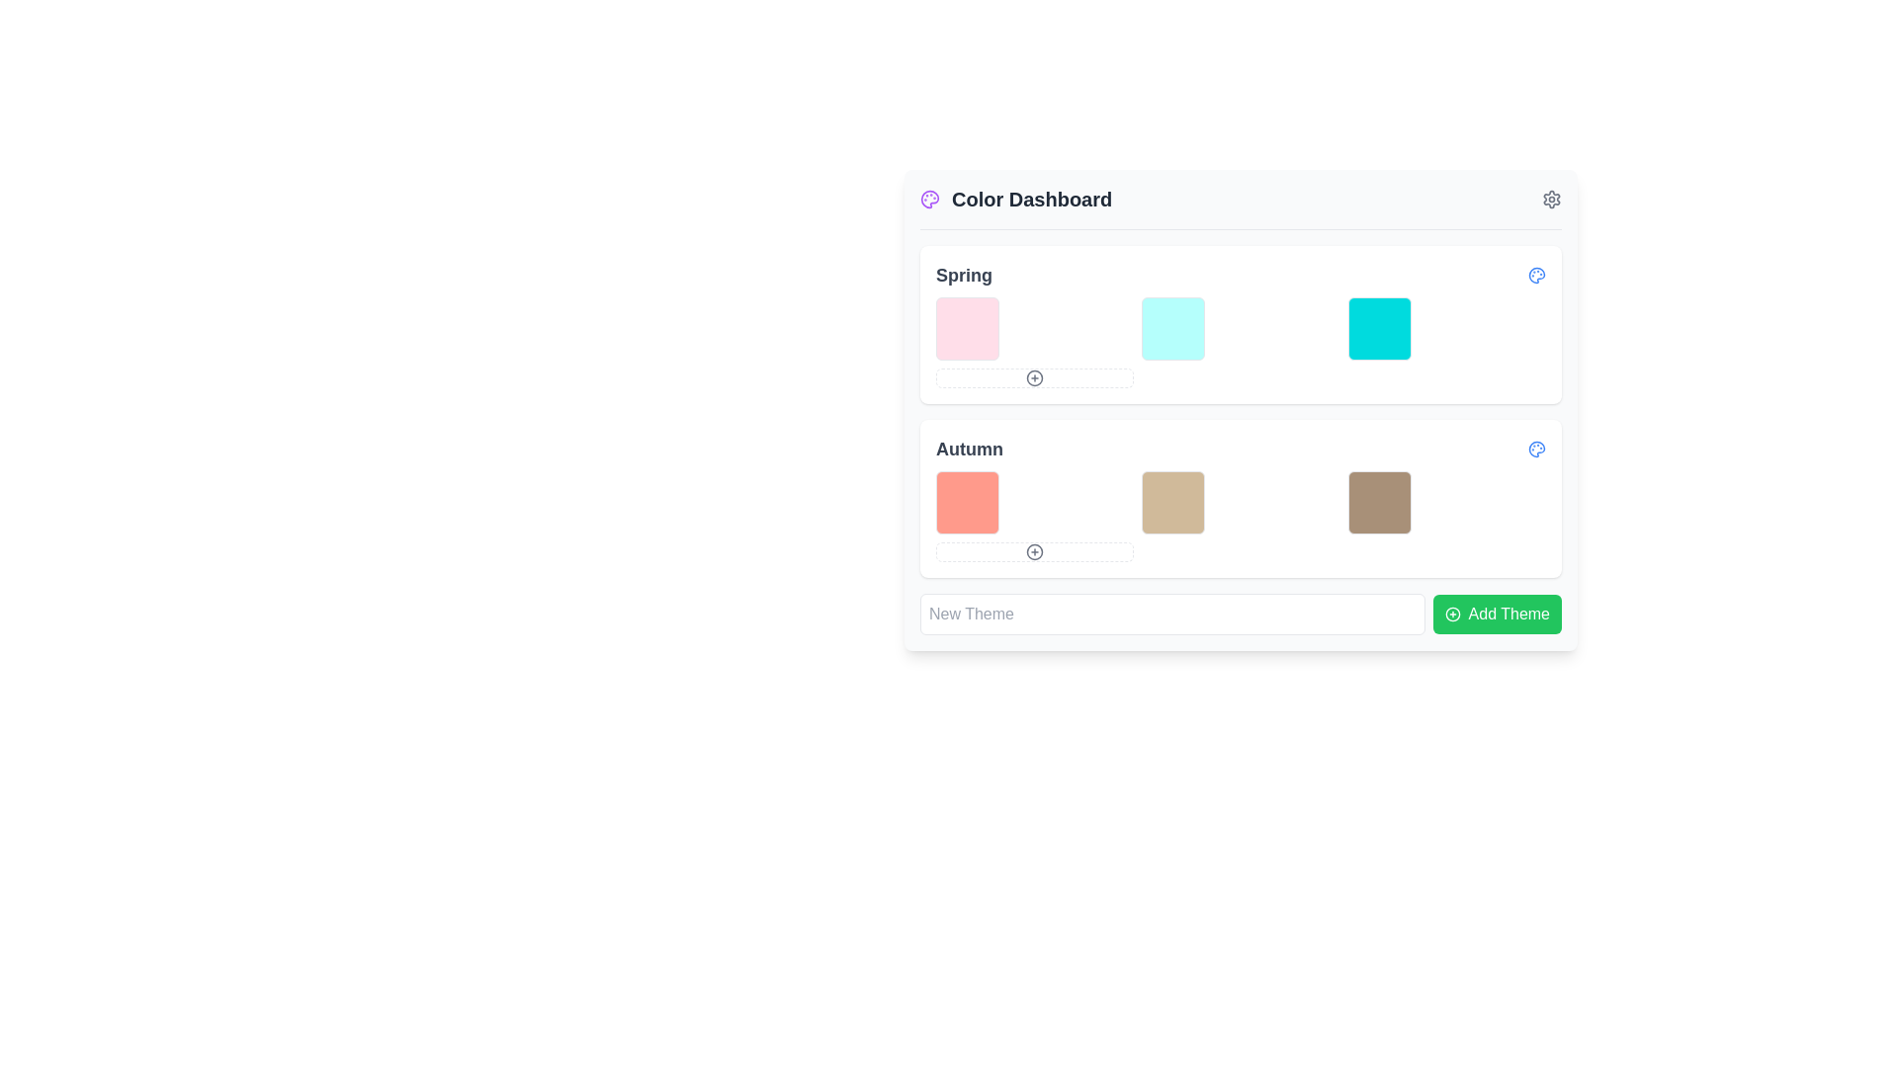 The image size is (1898, 1067). Describe the element at coordinates (1378, 502) in the screenshot. I see `the light brown color swatch with rounded corners located under the 'Autumn' section, which is the third square in the top row of a grid layout` at that location.